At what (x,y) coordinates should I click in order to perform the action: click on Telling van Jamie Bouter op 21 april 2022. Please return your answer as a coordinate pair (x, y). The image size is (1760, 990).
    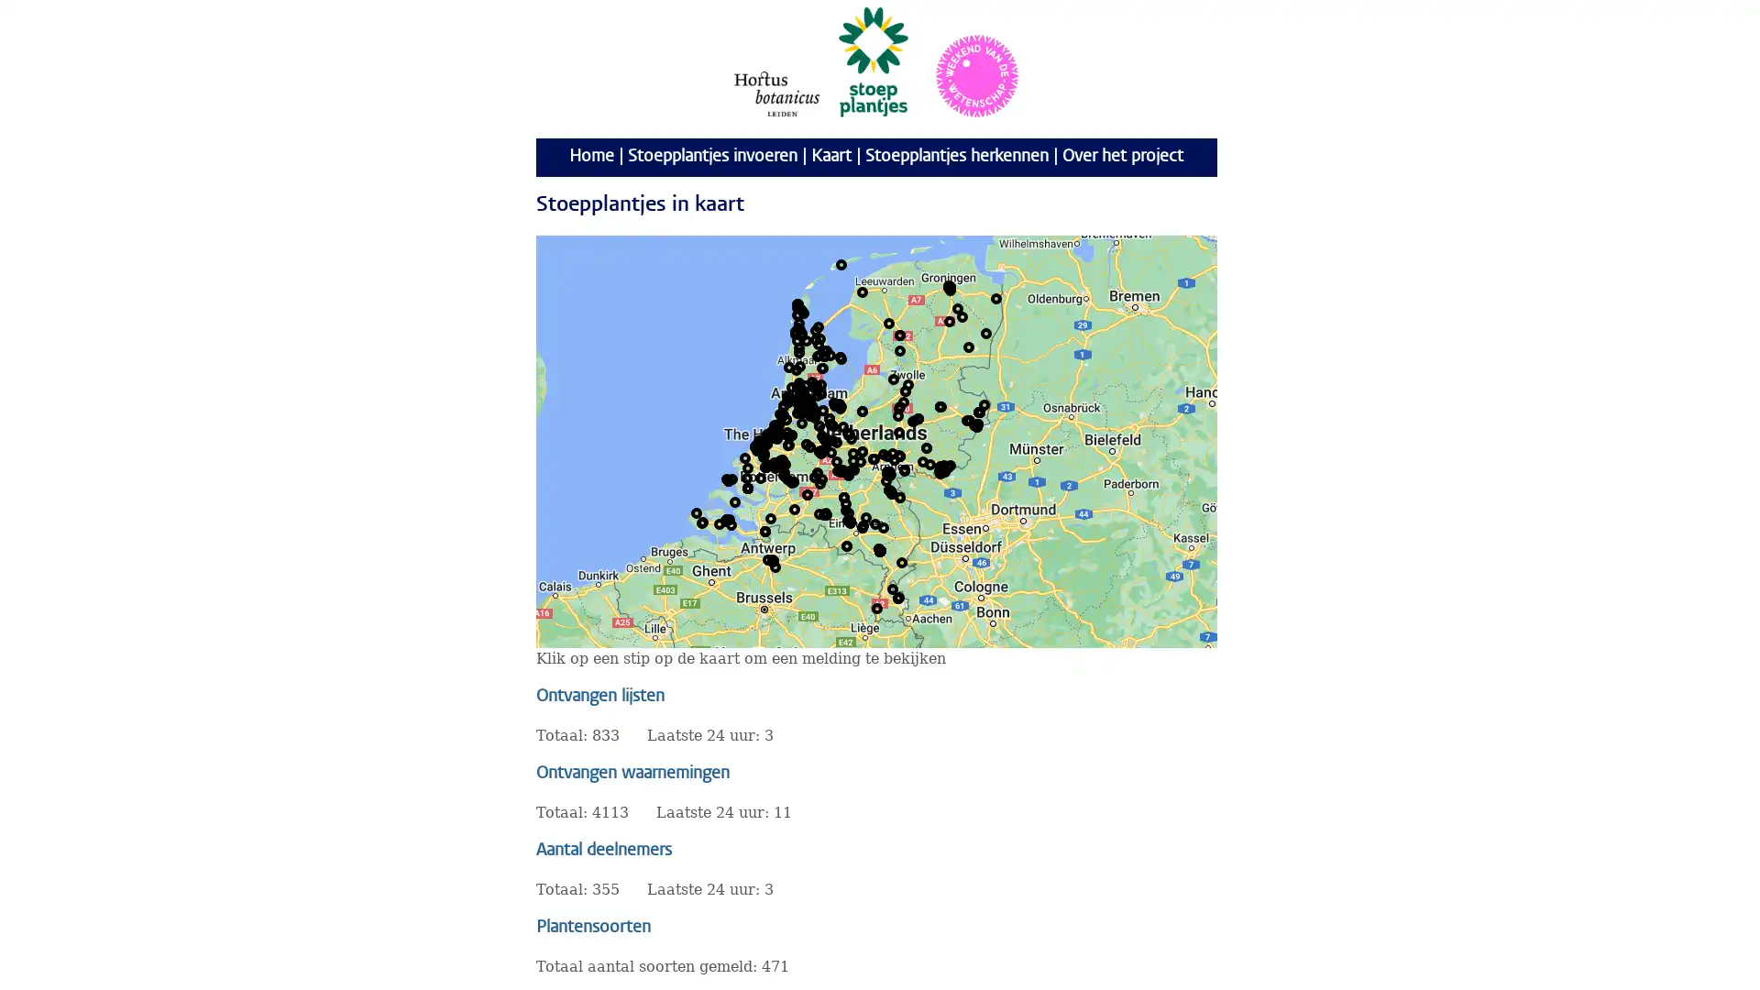
    Looking at the image, I should click on (808, 402).